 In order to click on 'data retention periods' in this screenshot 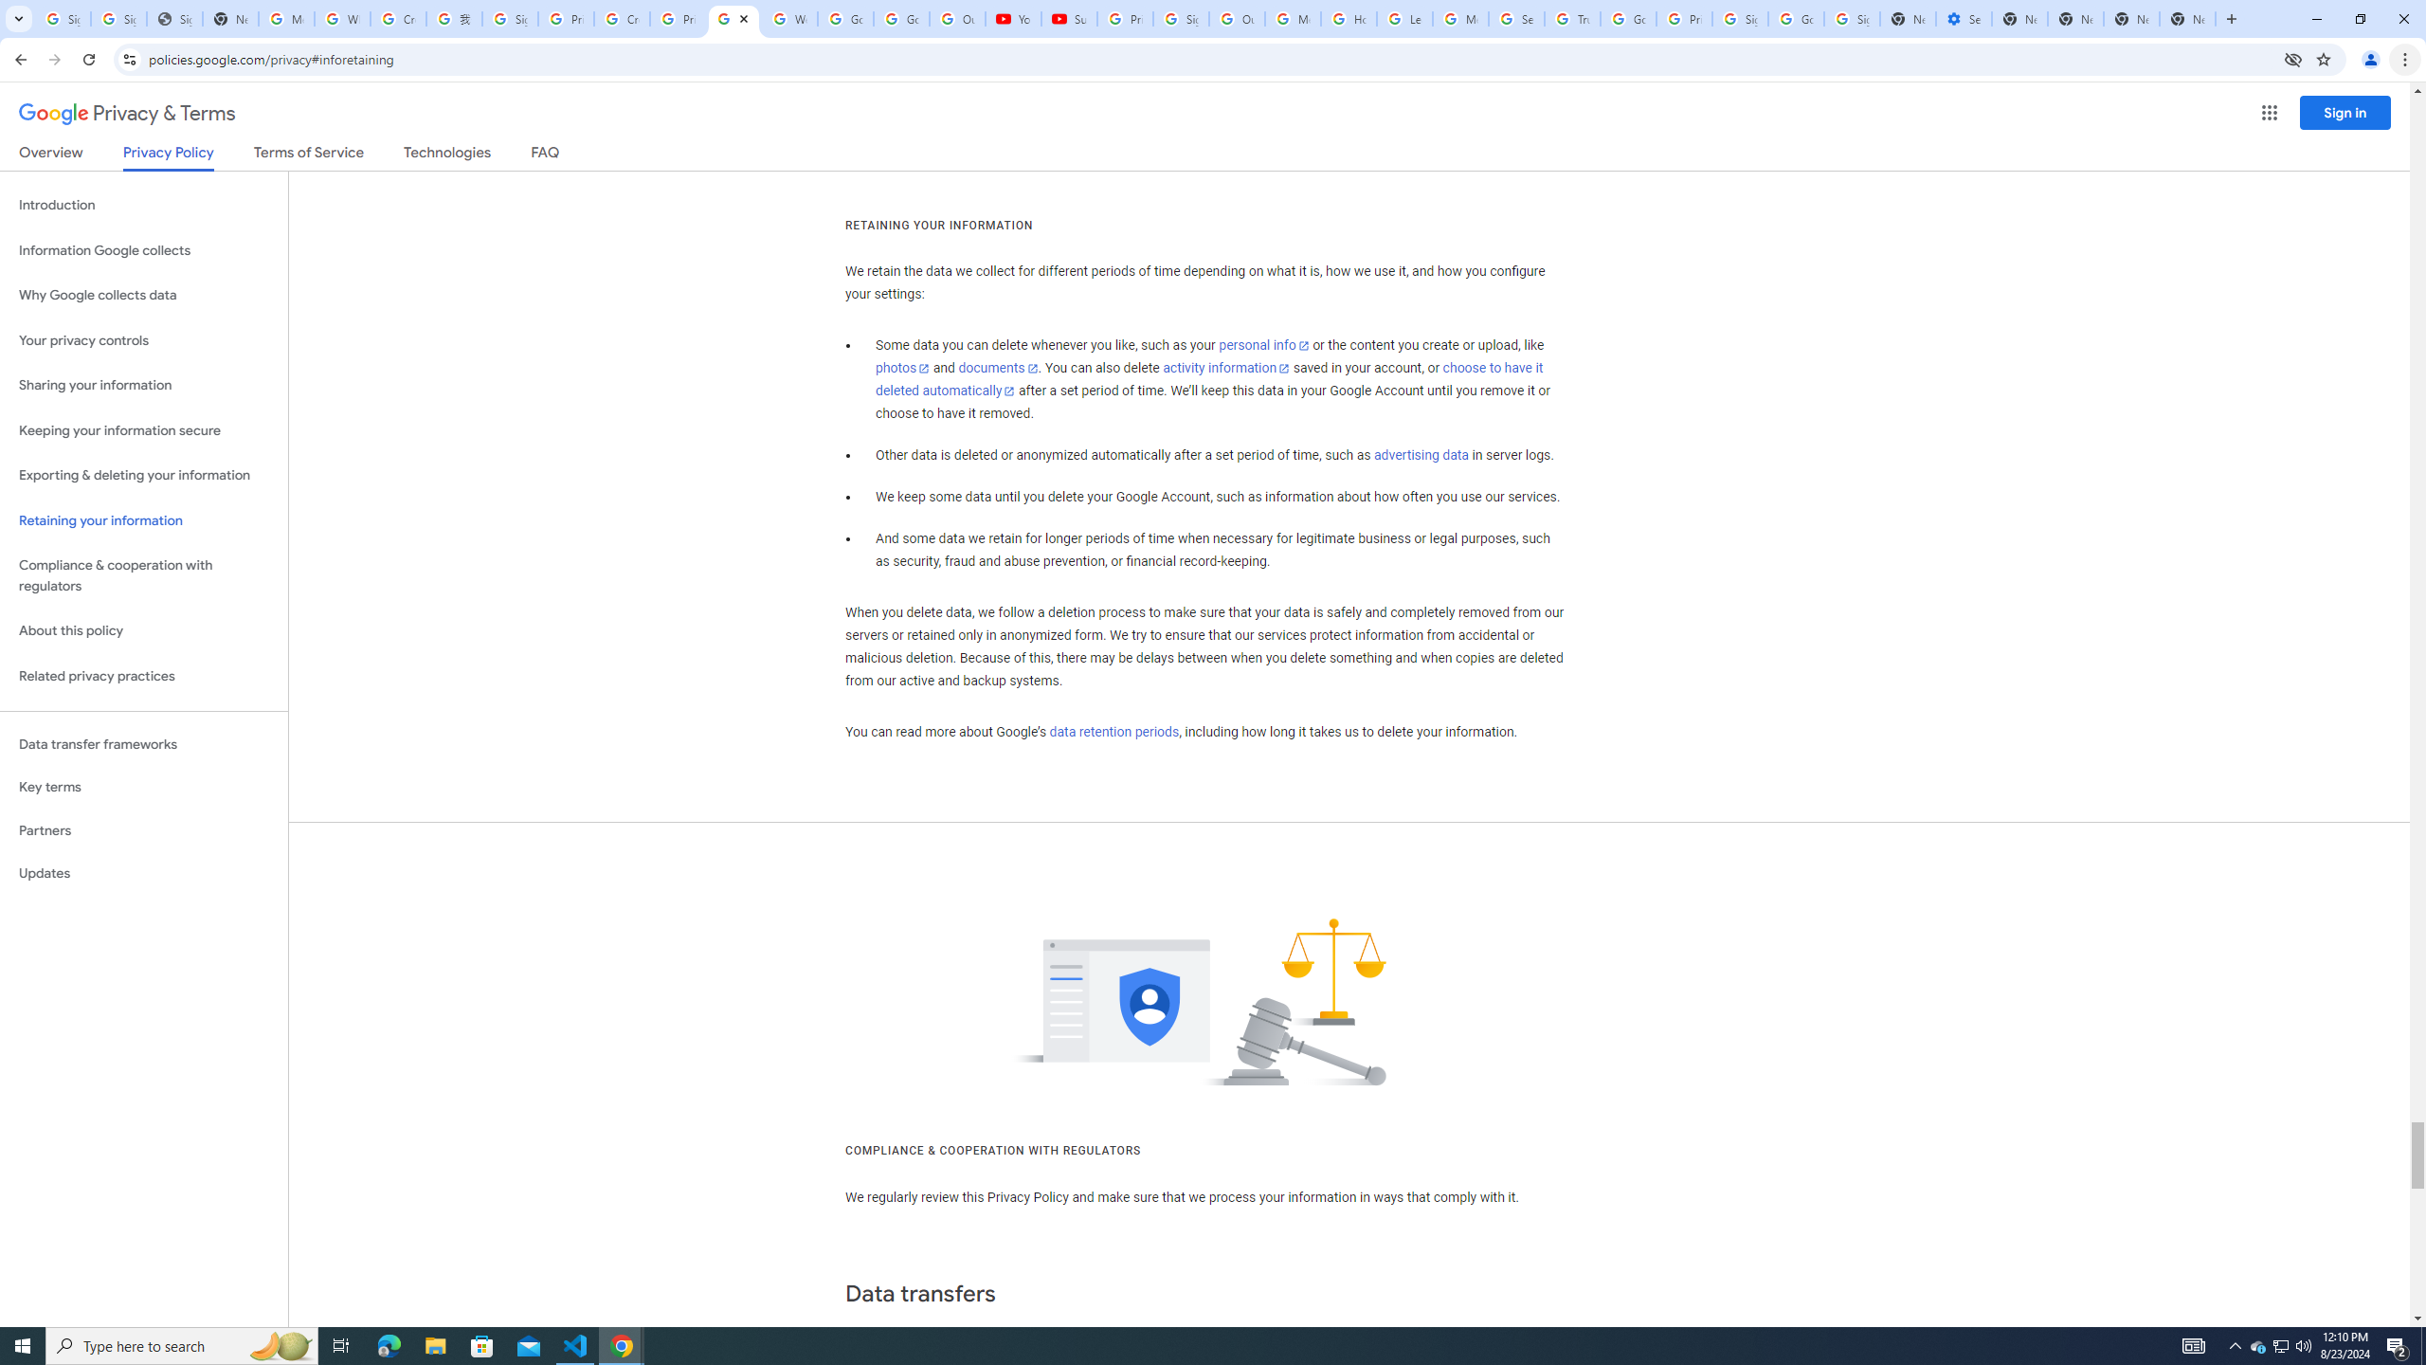, I will do `click(1113, 733)`.